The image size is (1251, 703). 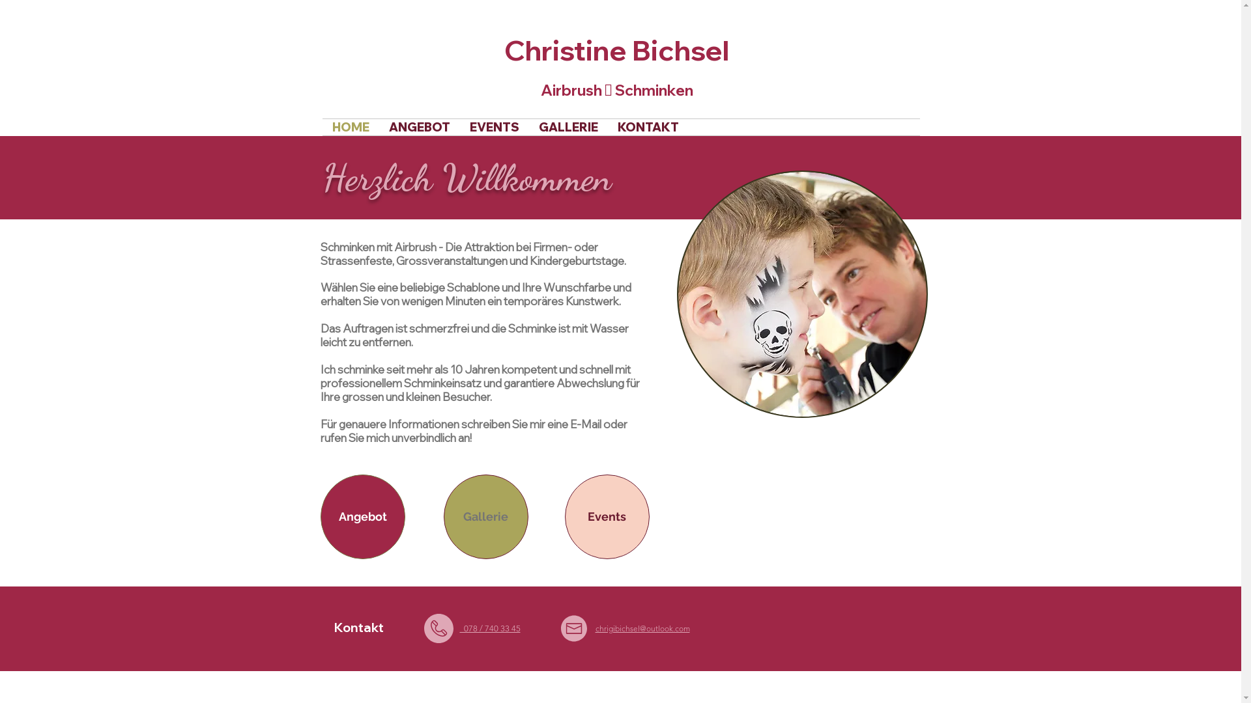 What do you see at coordinates (594, 627) in the screenshot?
I see `'chrigibichsel@outlook.com'` at bounding box center [594, 627].